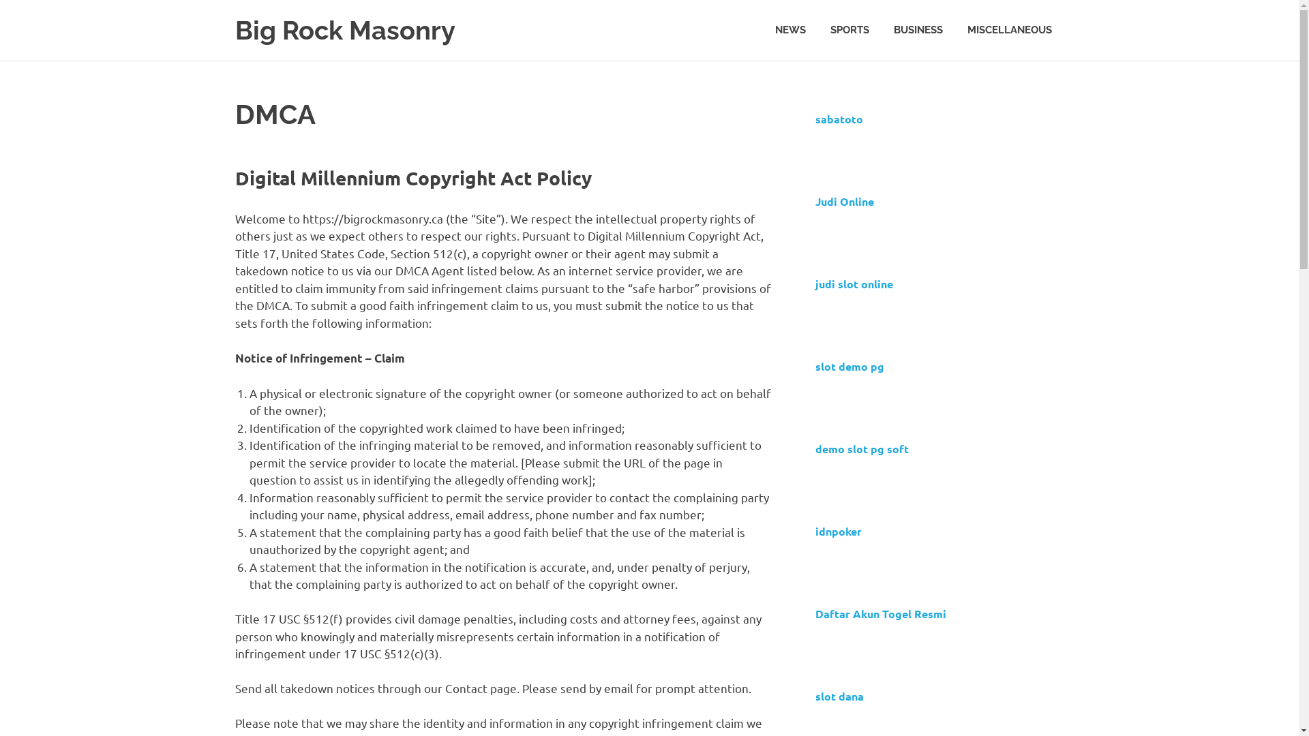 The width and height of the screenshot is (1309, 736). Describe the element at coordinates (880, 613) in the screenshot. I see `'Daftar Akun Togel Resmi'` at that location.